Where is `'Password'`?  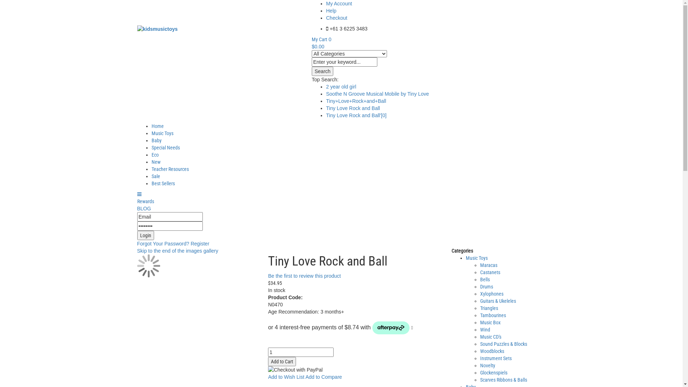 'Password' is located at coordinates (137, 226).